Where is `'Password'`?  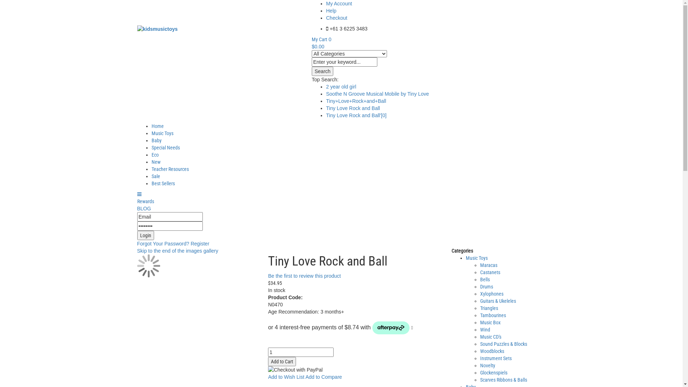 'Password' is located at coordinates (137, 226).